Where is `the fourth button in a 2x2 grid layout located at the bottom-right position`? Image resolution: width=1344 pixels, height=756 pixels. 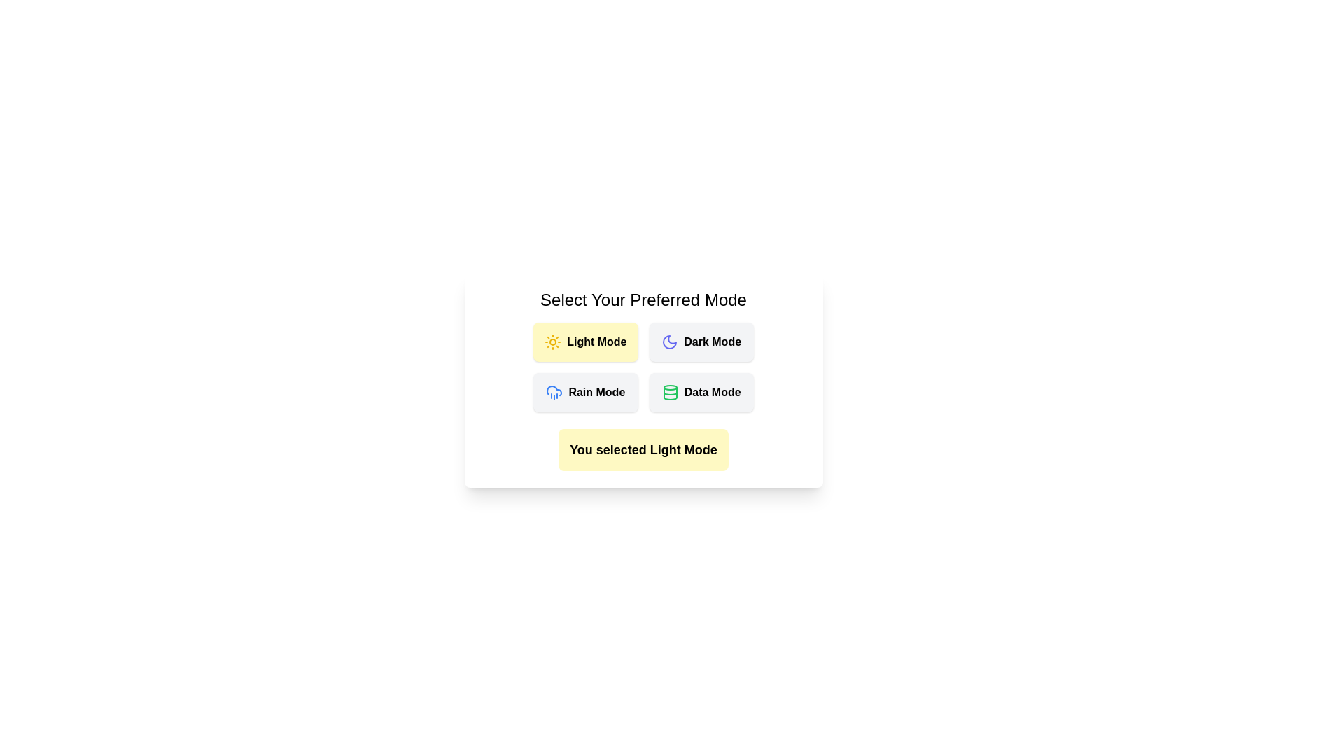 the fourth button in a 2x2 grid layout located at the bottom-right position is located at coordinates (701, 392).